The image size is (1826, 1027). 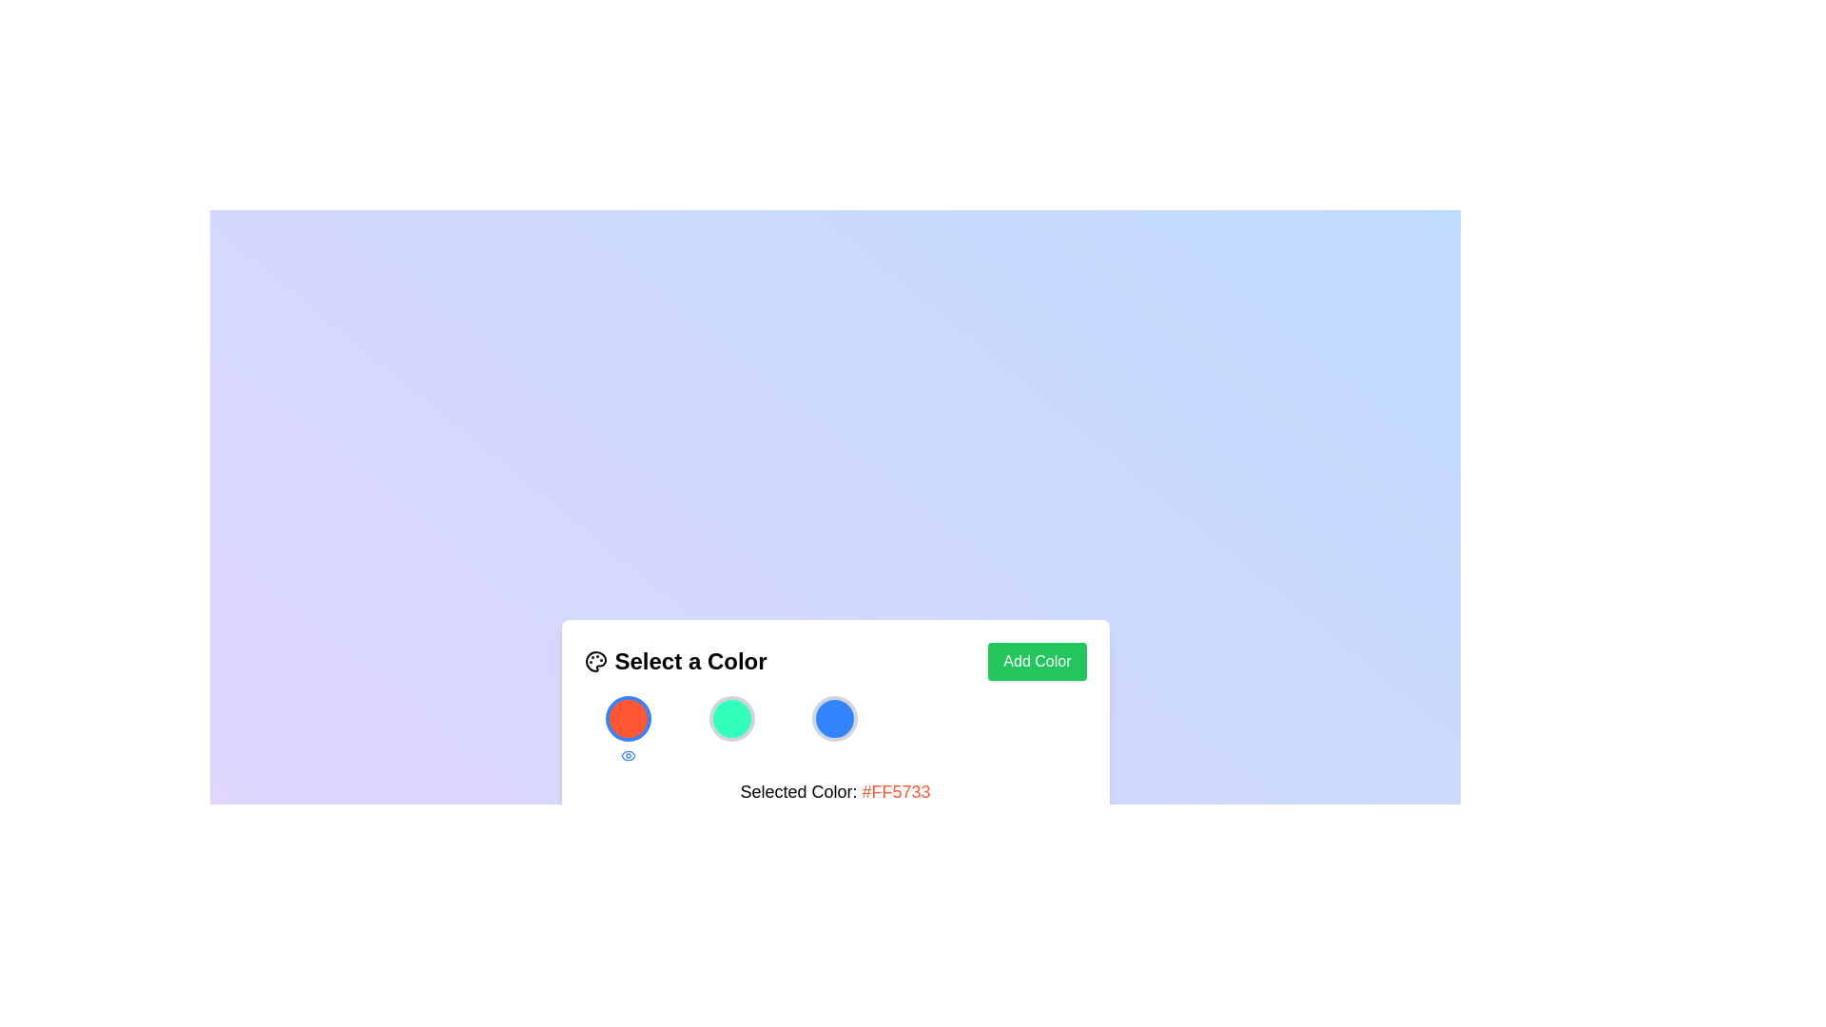 I want to click on the circular green button with a gray border located in the second column of a 5-column grid layout, so click(x=730, y=728).